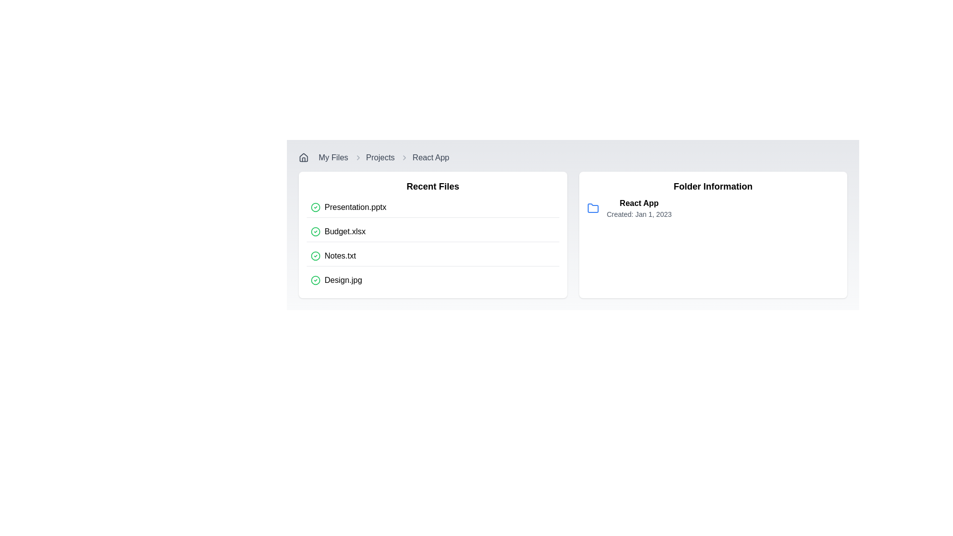  I want to click on metadata text located directly beneath the 'React App' text in the 'Folder Information' panel, so click(639, 214).